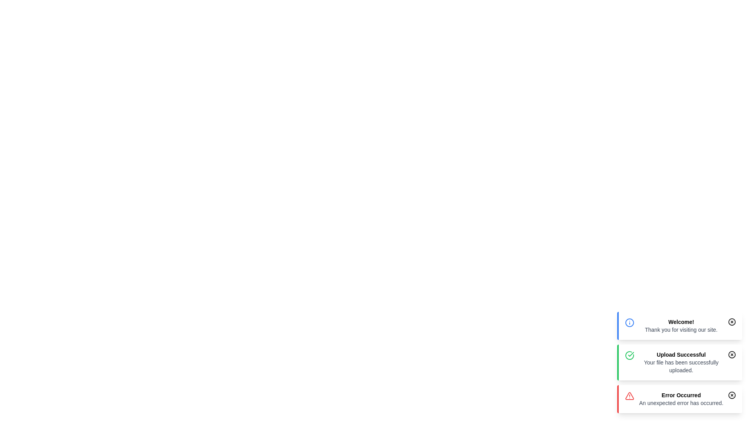 The width and height of the screenshot is (750, 421). I want to click on message content of the Text block titled 'Error Occurred' located in the bottom right of the interface, below previous notifications, so click(680, 399).